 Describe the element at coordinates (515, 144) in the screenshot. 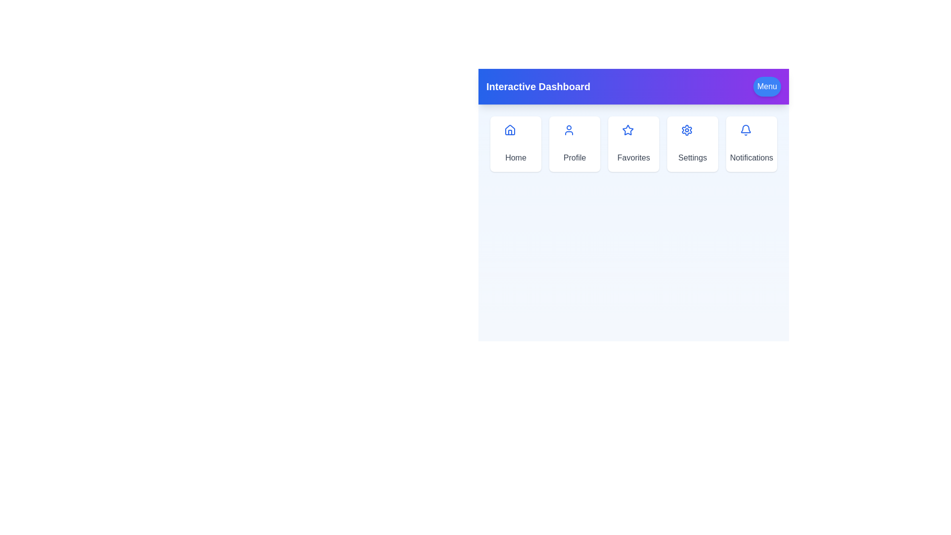

I see `the Home menu option` at that location.